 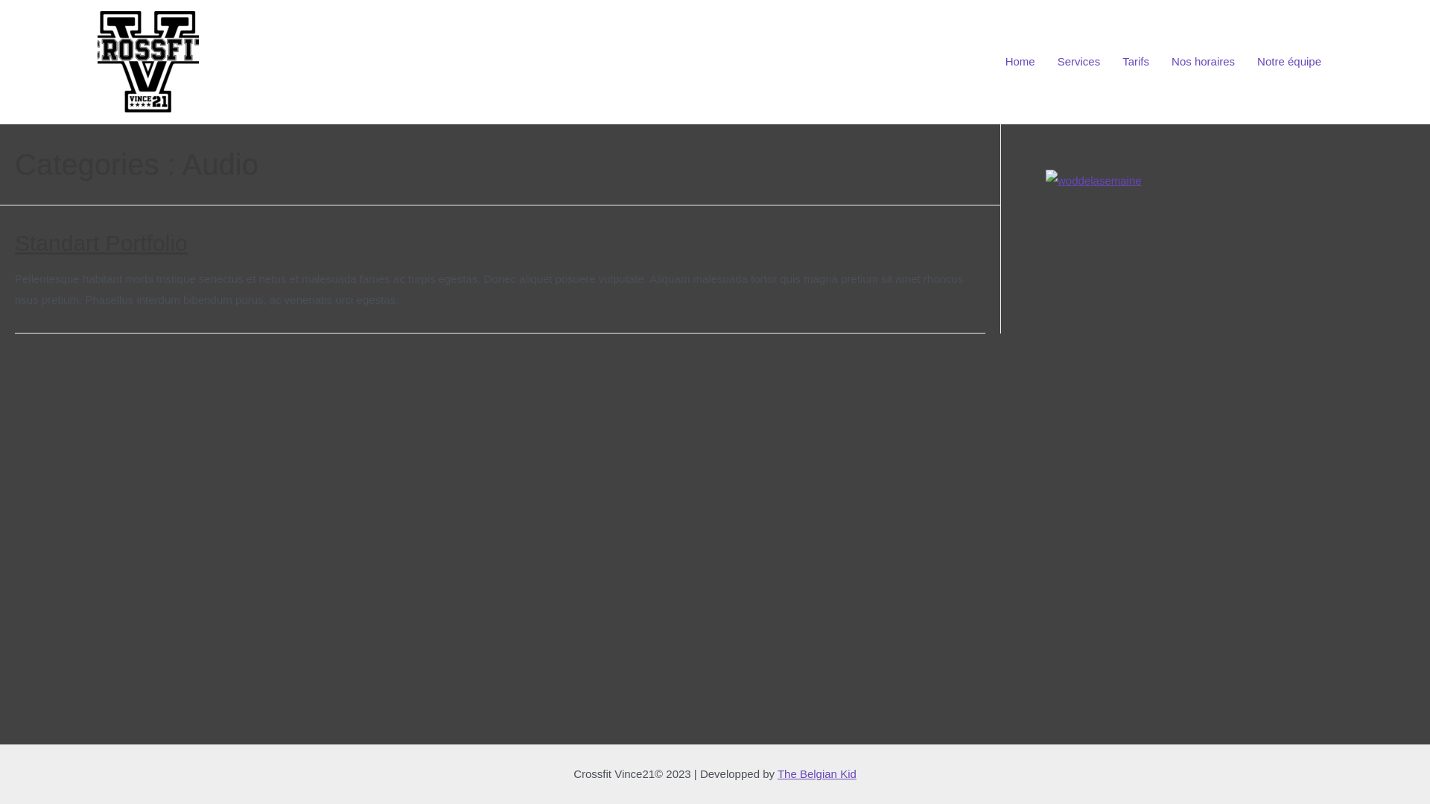 What do you see at coordinates (1111, 61) in the screenshot?
I see `'Tarifs'` at bounding box center [1111, 61].